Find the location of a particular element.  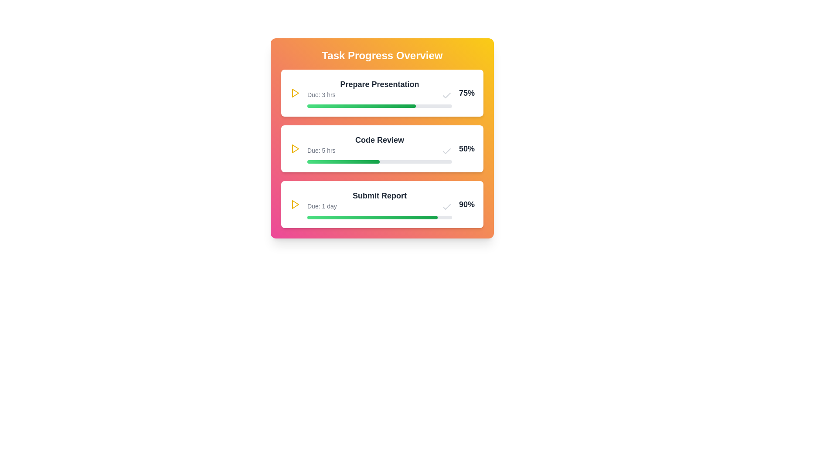

the play icon, which is a yellow-stroked SVG polygon resembling a right-pointing triangle, located in the 'Prepare Presentation' card adjacent to 'Due: 3 hrs' is located at coordinates (295, 205).